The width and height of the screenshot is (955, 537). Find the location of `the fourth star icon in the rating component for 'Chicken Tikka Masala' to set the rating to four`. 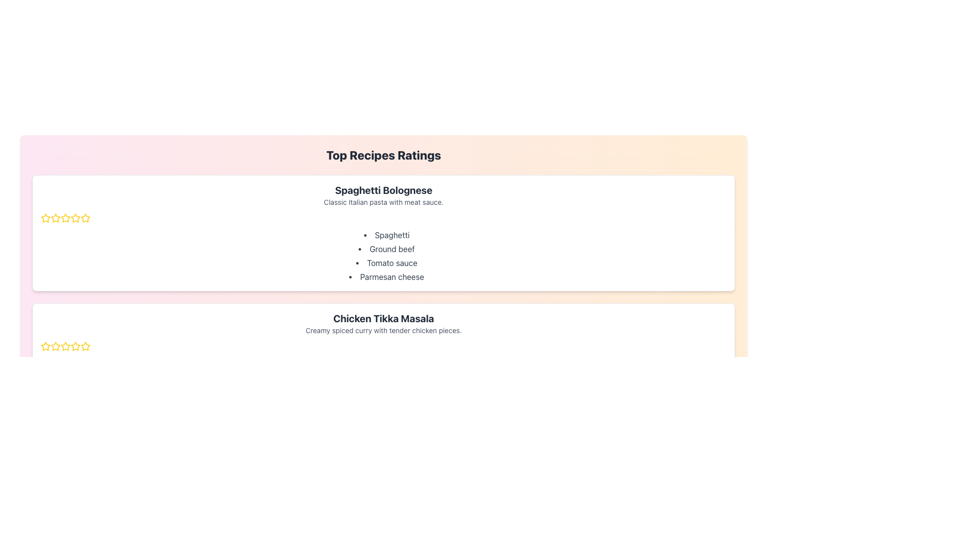

the fourth star icon in the rating component for 'Chicken Tikka Masala' to set the rating to four is located at coordinates (65, 346).